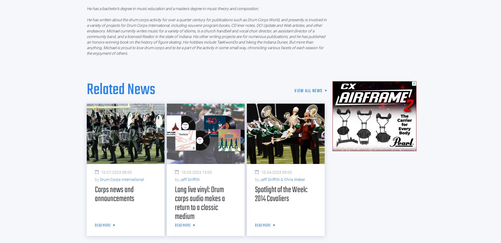 The height and width of the screenshot is (243, 501). I want to click on '10-25-2023 13:00', so click(196, 172).